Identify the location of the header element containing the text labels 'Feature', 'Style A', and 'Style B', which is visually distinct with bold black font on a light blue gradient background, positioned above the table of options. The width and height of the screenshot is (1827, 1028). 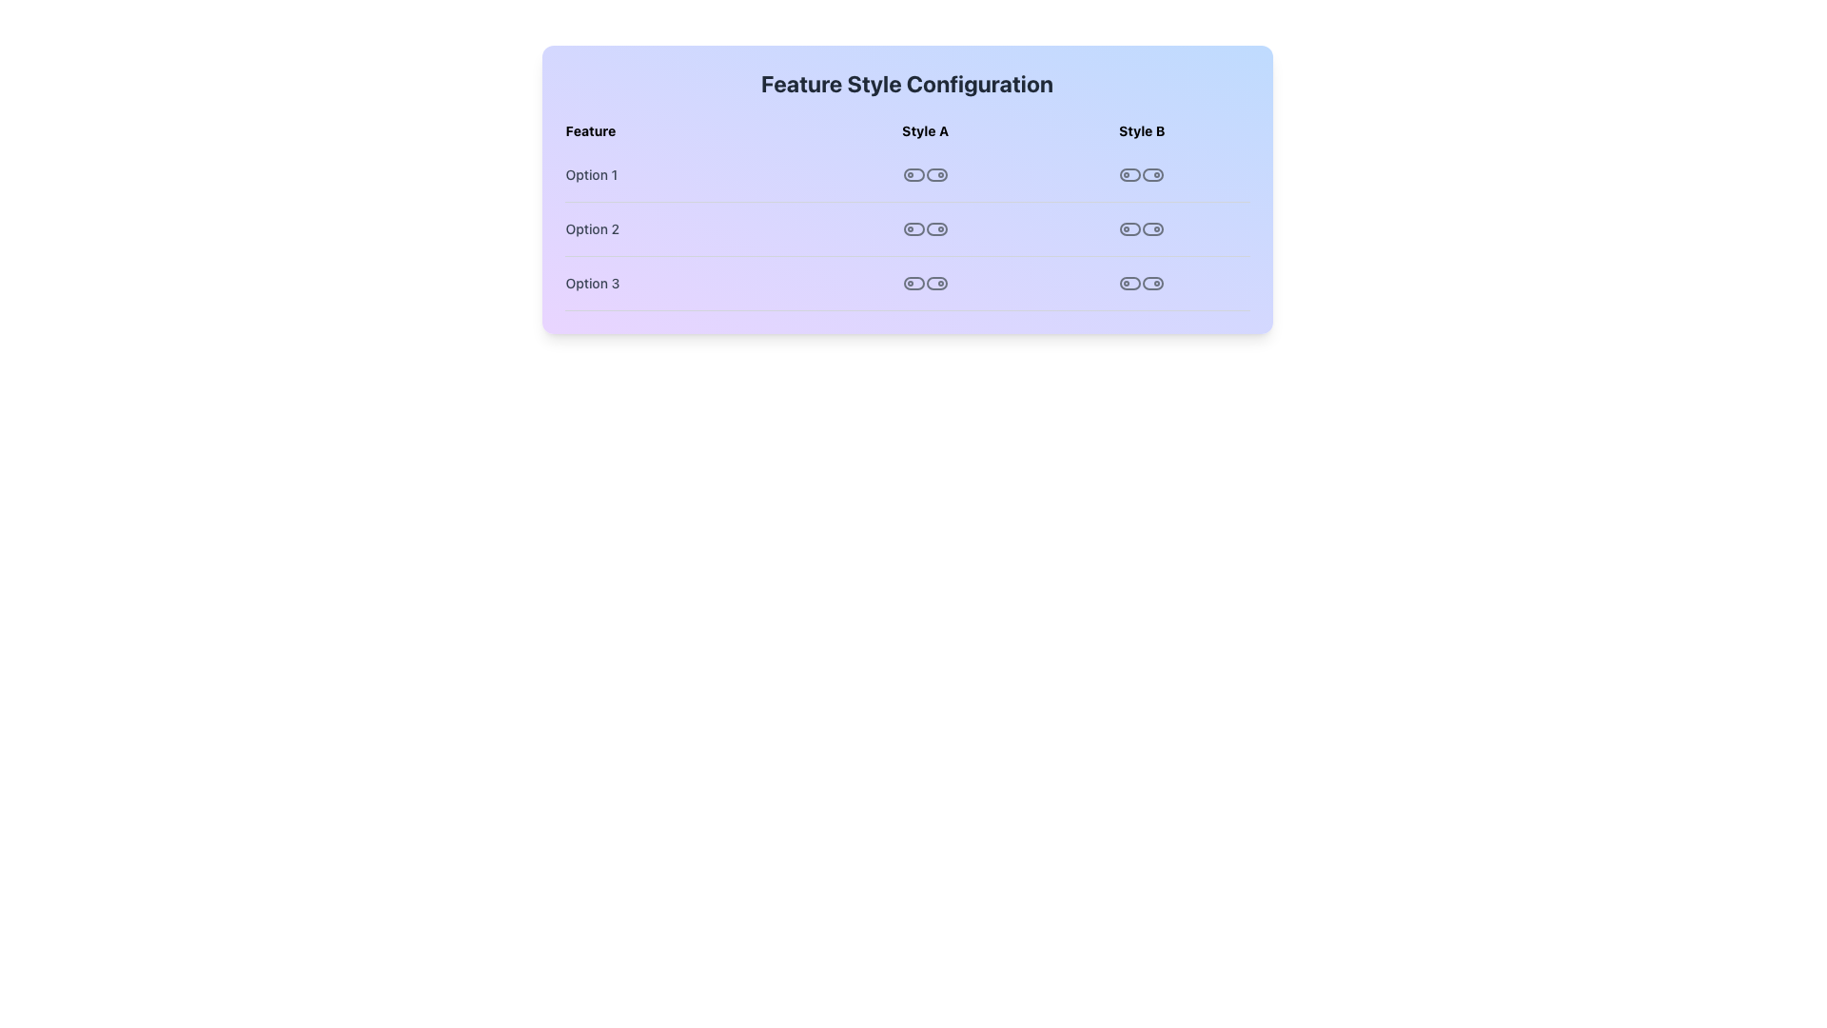
(906, 130).